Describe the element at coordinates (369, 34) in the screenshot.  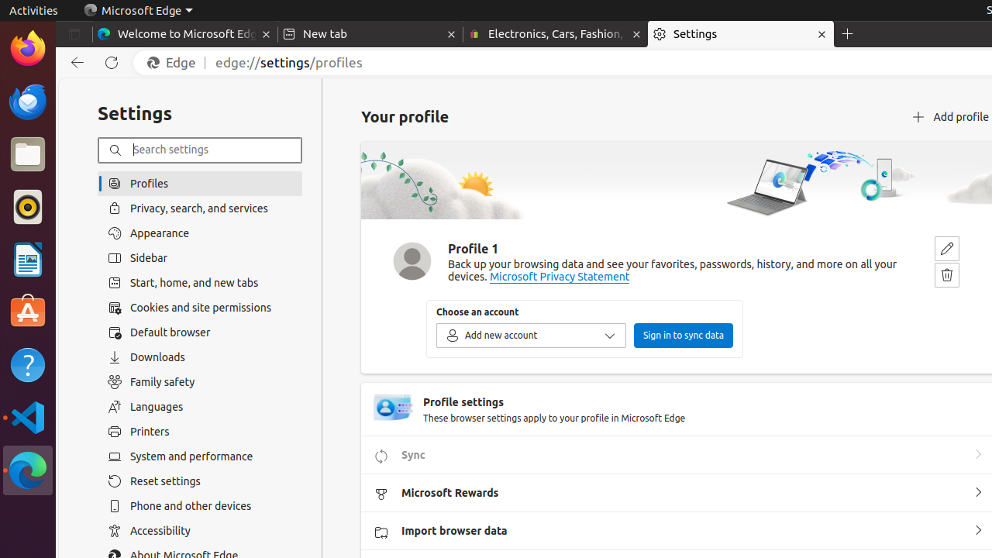
I see `'New tab'` at that location.